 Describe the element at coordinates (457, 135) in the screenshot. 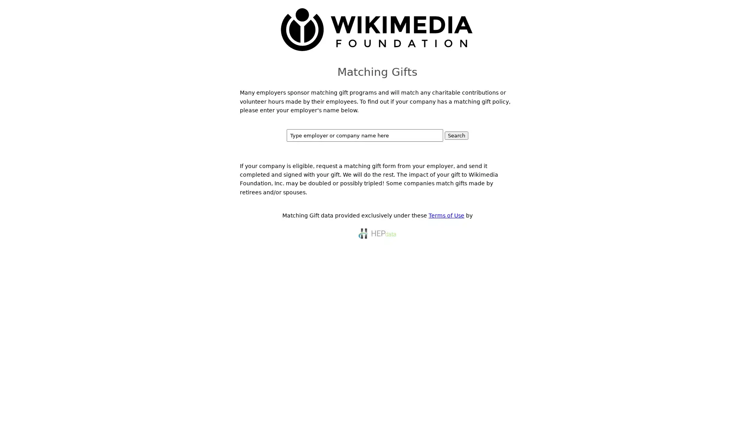

I see `Search` at that location.